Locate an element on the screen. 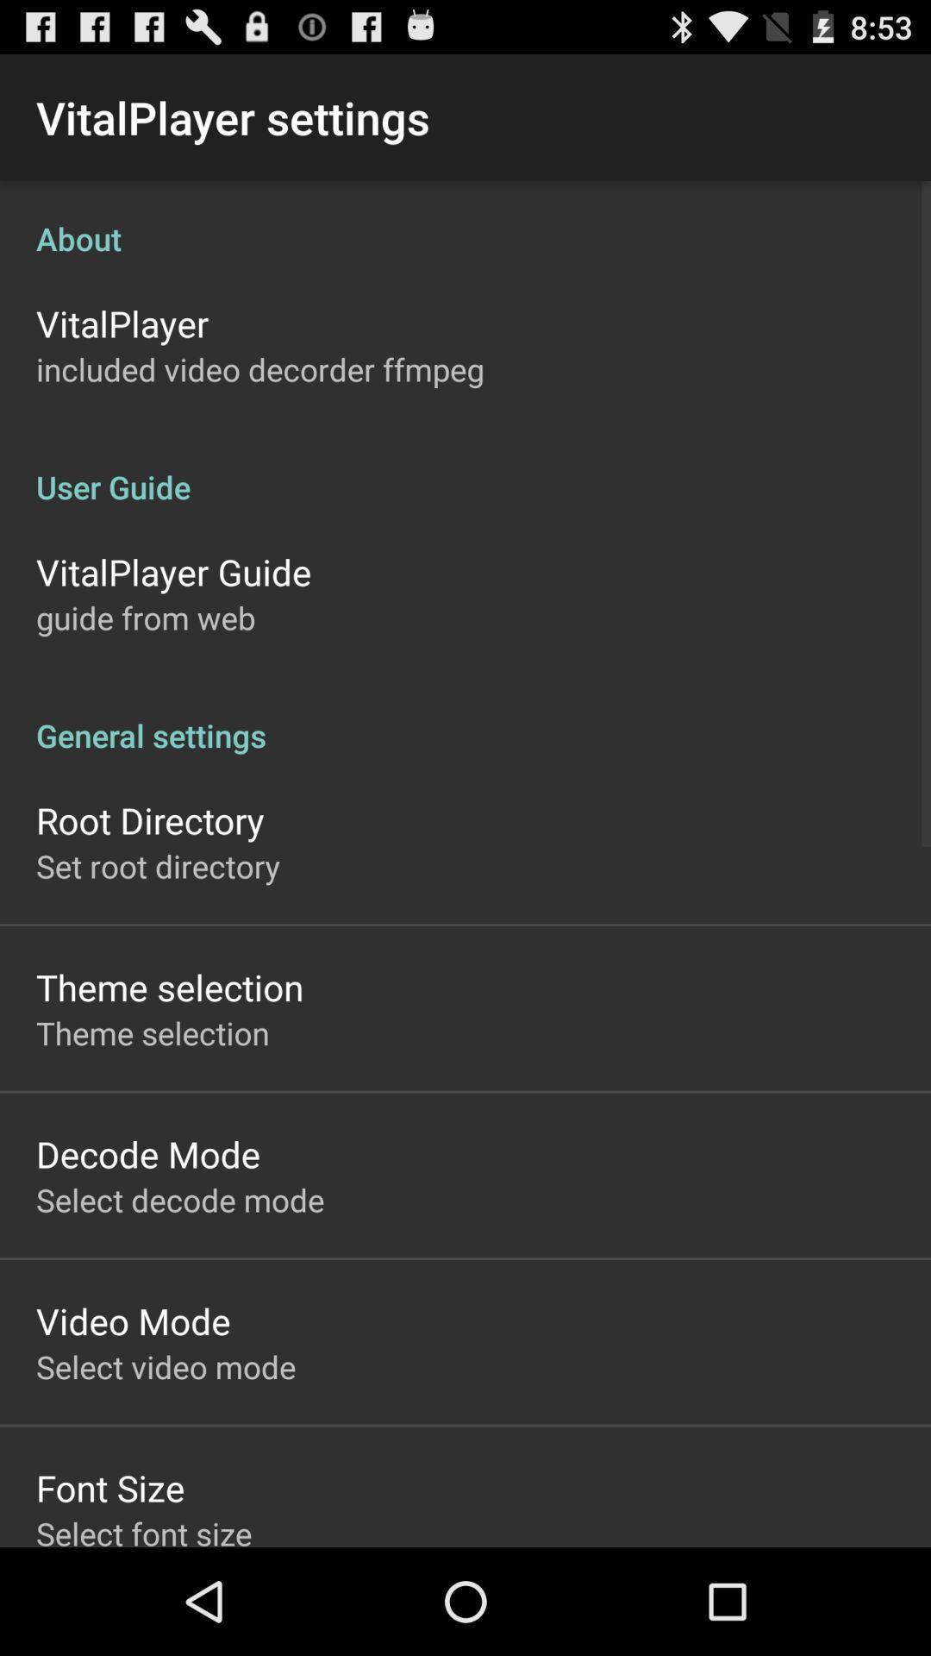  the app above the general settings icon is located at coordinates (145, 618).